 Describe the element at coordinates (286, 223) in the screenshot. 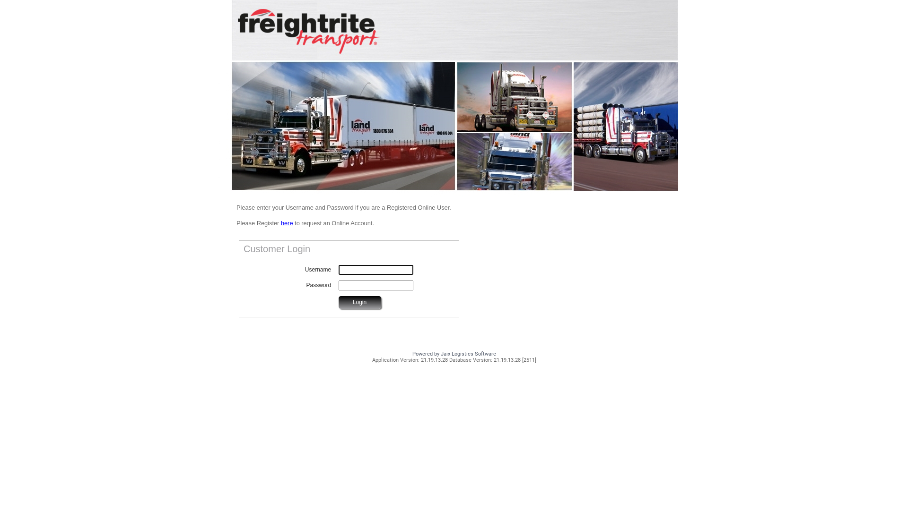

I see `'here'` at that location.